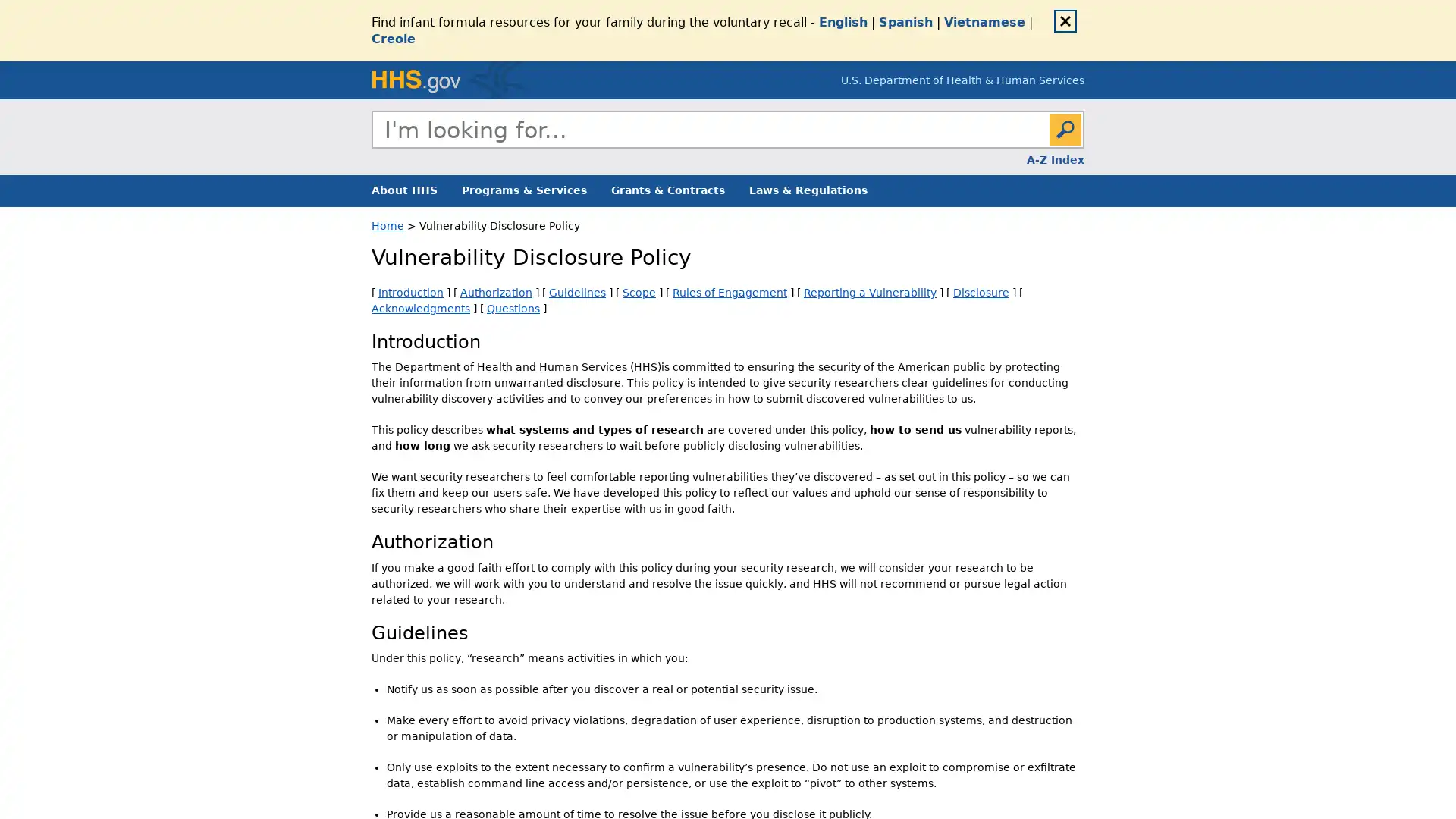 The image size is (1456, 819). What do you see at coordinates (1065, 20) in the screenshot?
I see `Close` at bounding box center [1065, 20].